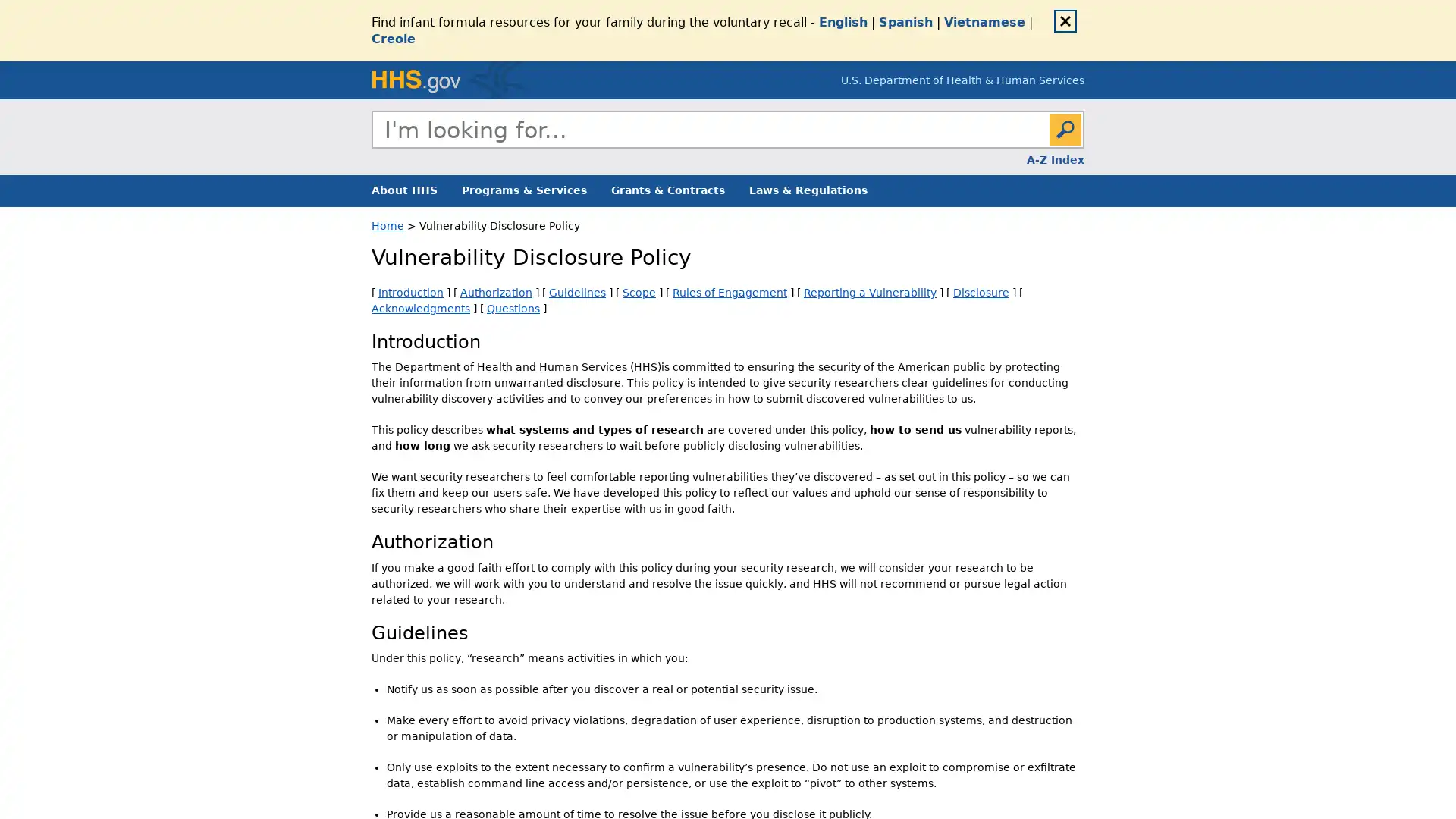 The image size is (1456, 819). What do you see at coordinates (1065, 20) in the screenshot?
I see `Close` at bounding box center [1065, 20].